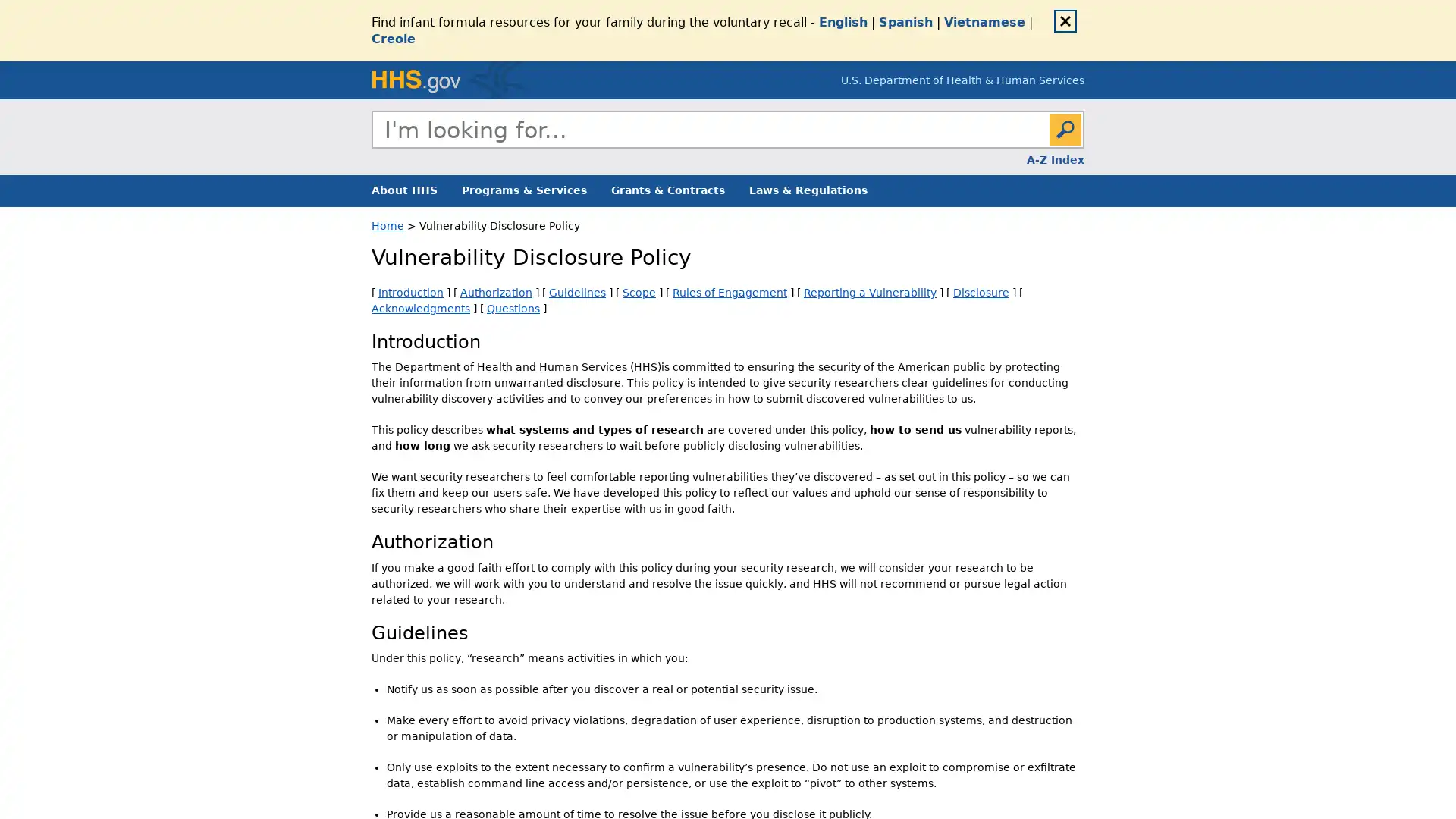 The image size is (1456, 819). What do you see at coordinates (1065, 20) in the screenshot?
I see `Close` at bounding box center [1065, 20].